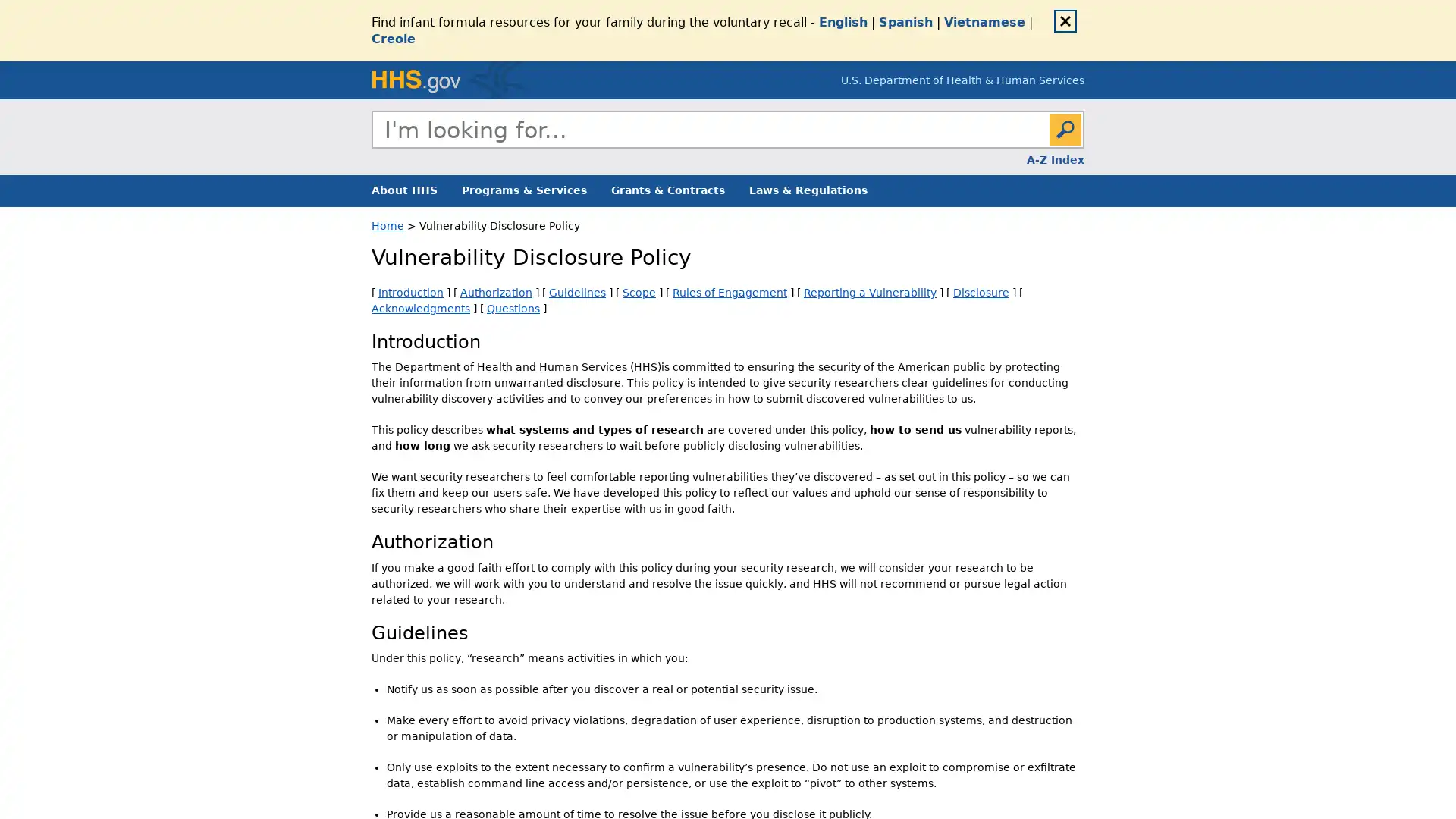 The image size is (1456, 819). What do you see at coordinates (1065, 20) in the screenshot?
I see `Close` at bounding box center [1065, 20].